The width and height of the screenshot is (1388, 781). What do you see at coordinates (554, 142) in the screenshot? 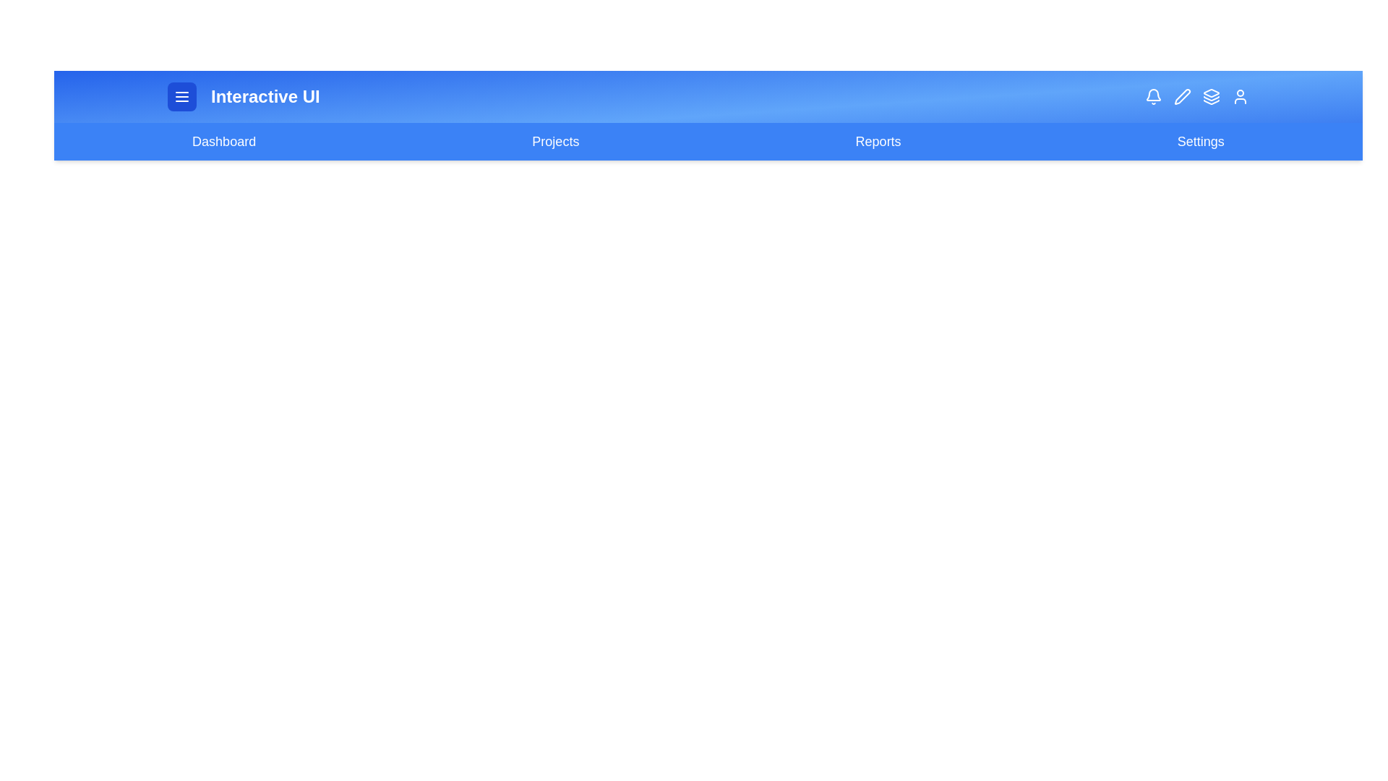
I see `the navigation link labeled 'Projects' to navigate to the respective page` at bounding box center [554, 142].